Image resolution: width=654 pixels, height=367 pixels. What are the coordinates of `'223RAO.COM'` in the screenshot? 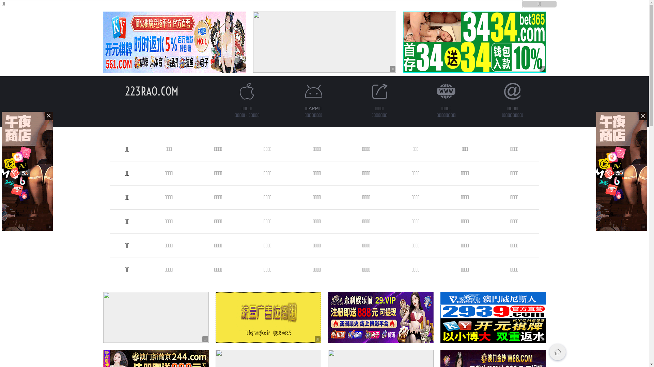 It's located at (125, 91).